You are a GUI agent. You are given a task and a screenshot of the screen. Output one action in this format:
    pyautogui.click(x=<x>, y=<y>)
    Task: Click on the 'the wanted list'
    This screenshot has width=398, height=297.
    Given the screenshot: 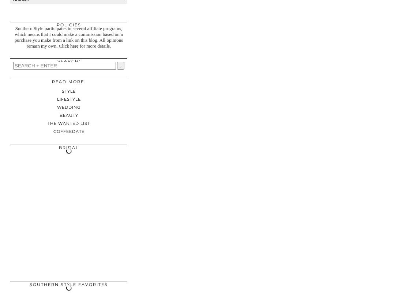 What is the action you would take?
    pyautogui.click(x=68, y=123)
    